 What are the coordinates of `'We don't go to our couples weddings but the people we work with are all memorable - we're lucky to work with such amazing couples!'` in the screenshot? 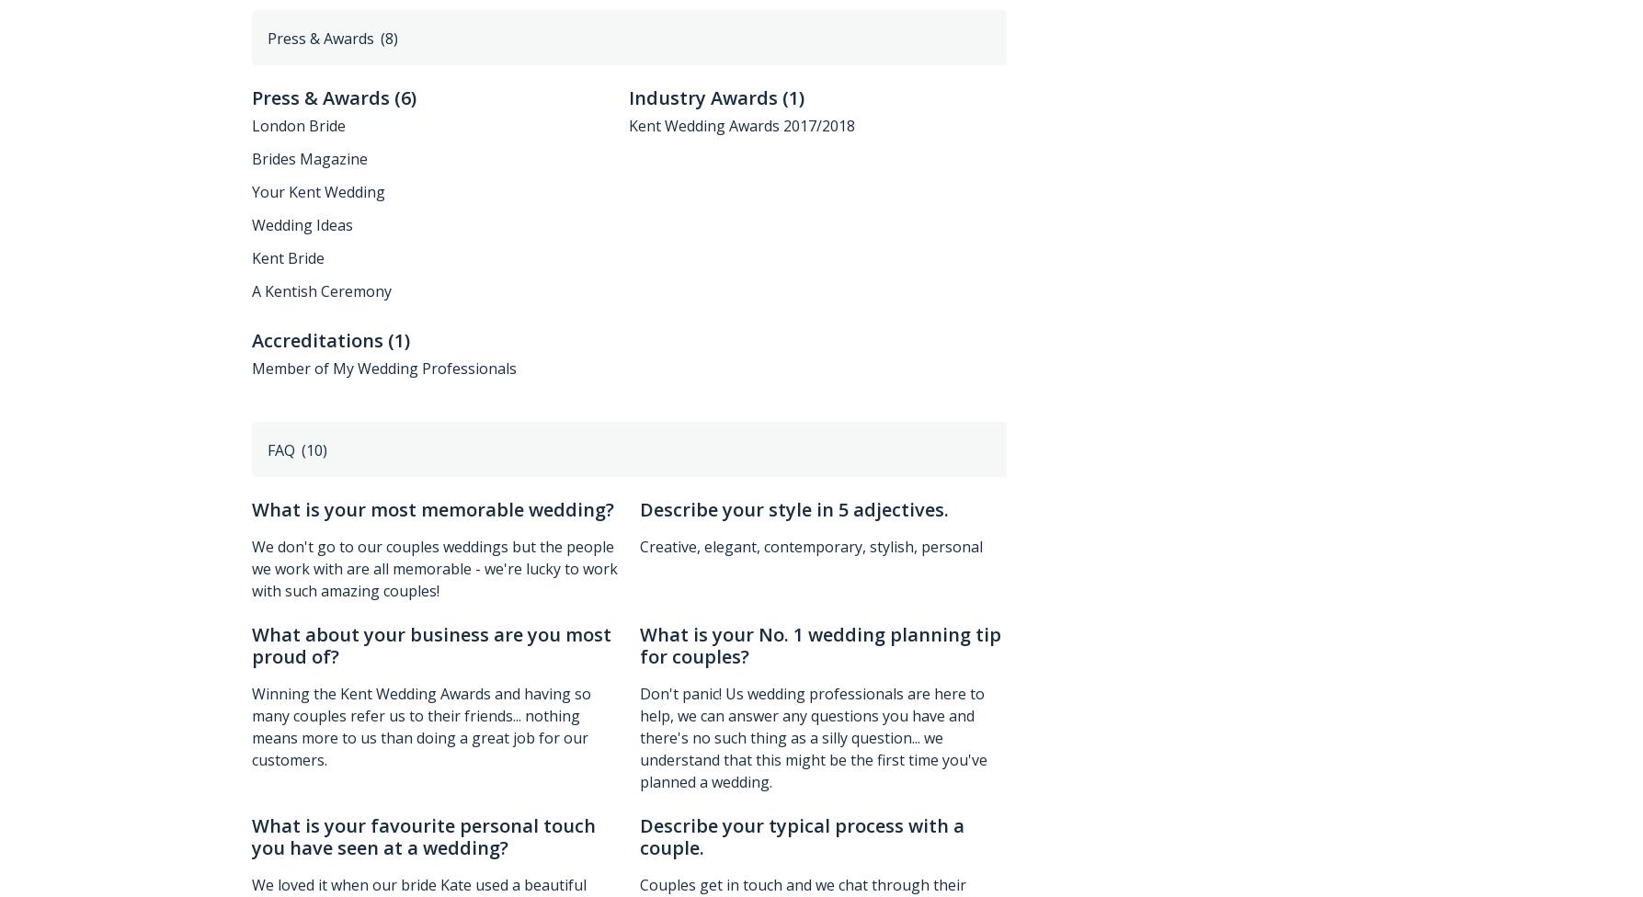 It's located at (250, 567).